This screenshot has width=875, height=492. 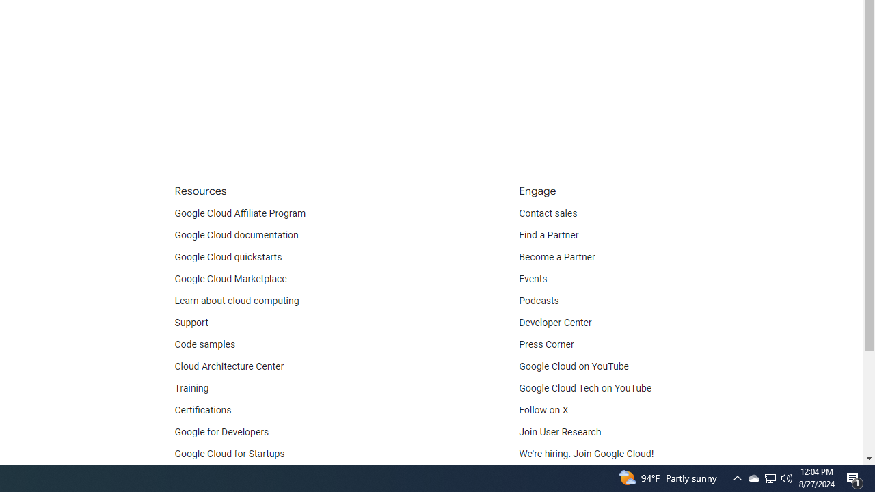 What do you see at coordinates (191, 388) in the screenshot?
I see `'Training'` at bounding box center [191, 388].